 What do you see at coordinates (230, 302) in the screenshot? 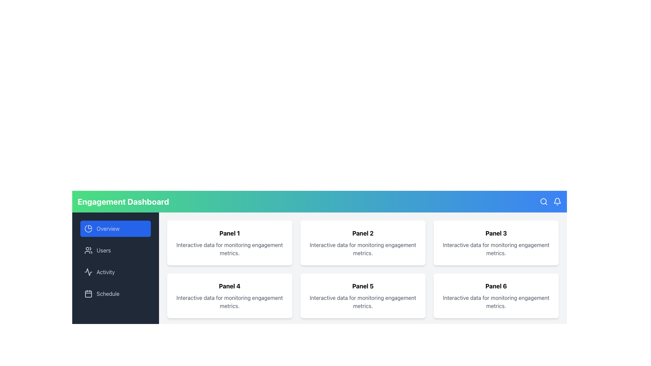
I see `text 'Interactive data for monitoring engagement metrics.' displayed in gray color below the title 'Panel 4' in the Text Display element` at bounding box center [230, 302].